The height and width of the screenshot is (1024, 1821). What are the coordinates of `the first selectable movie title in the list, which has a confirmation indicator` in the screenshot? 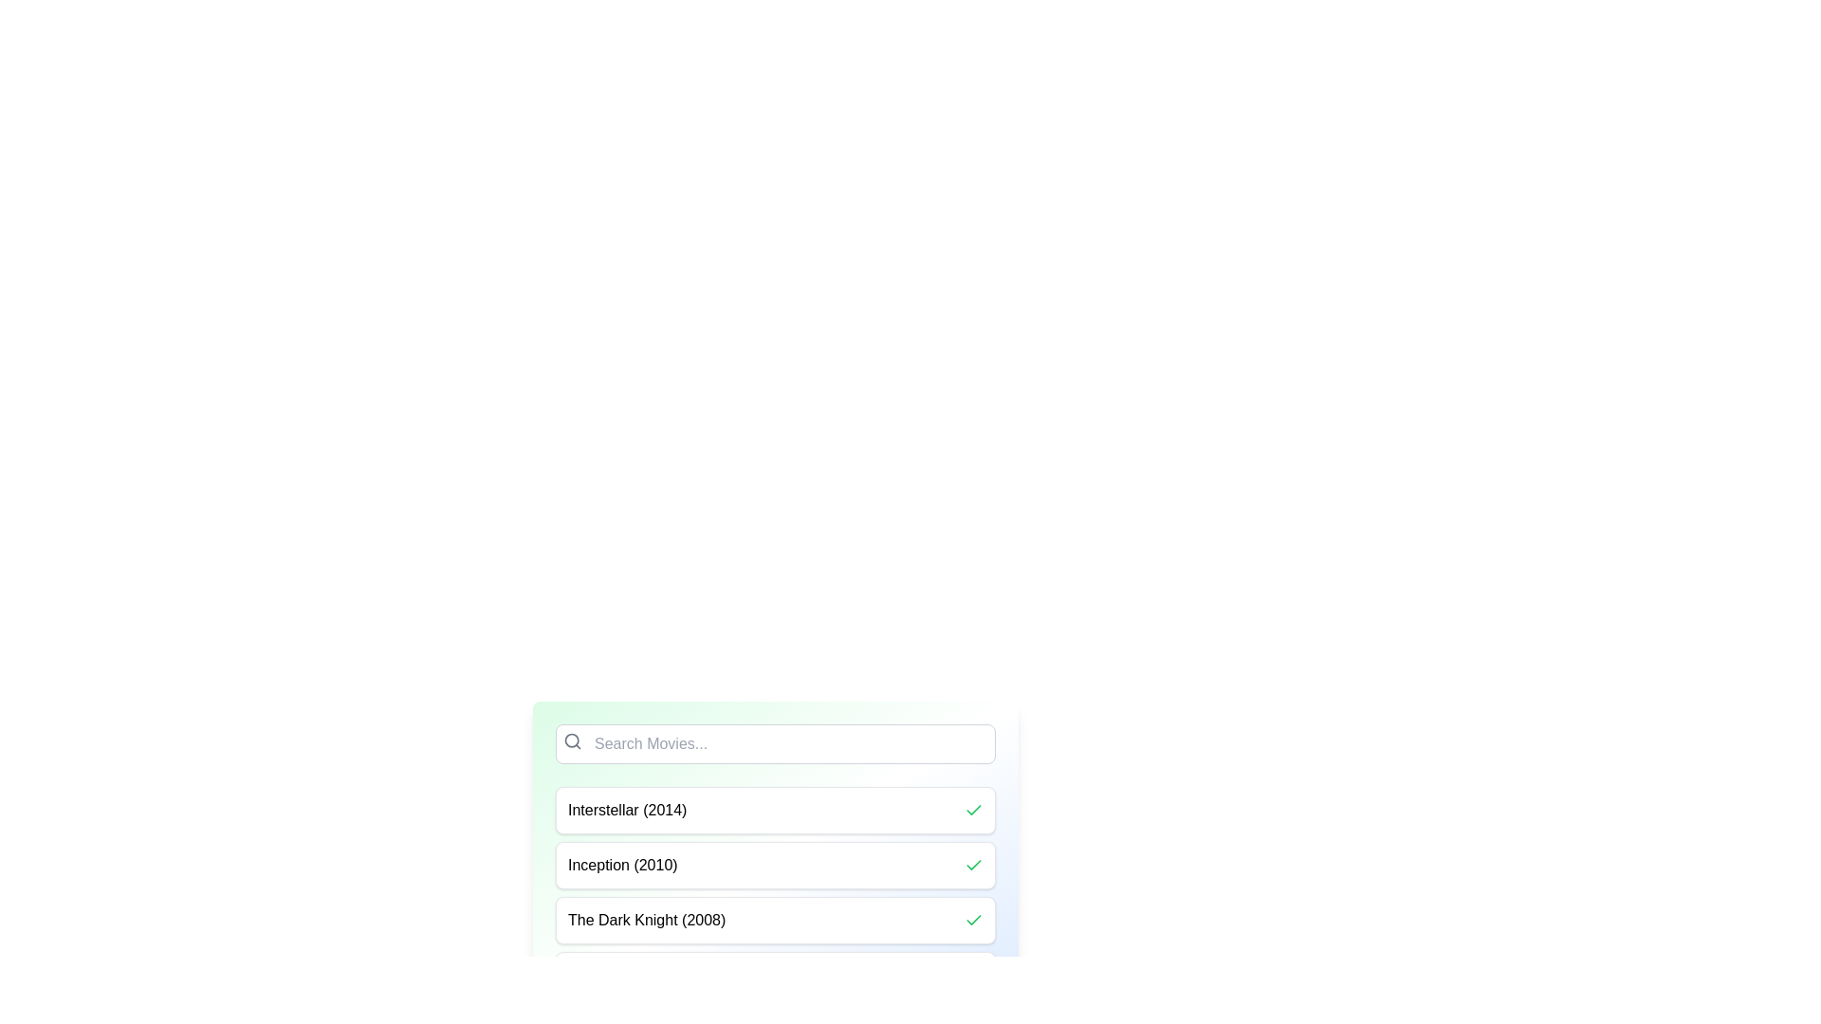 It's located at (775, 811).